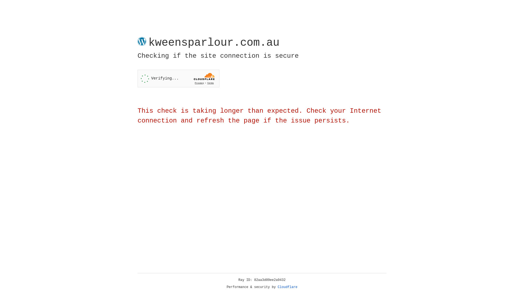  What do you see at coordinates (278, 287) in the screenshot?
I see `'Cloudflare'` at bounding box center [278, 287].